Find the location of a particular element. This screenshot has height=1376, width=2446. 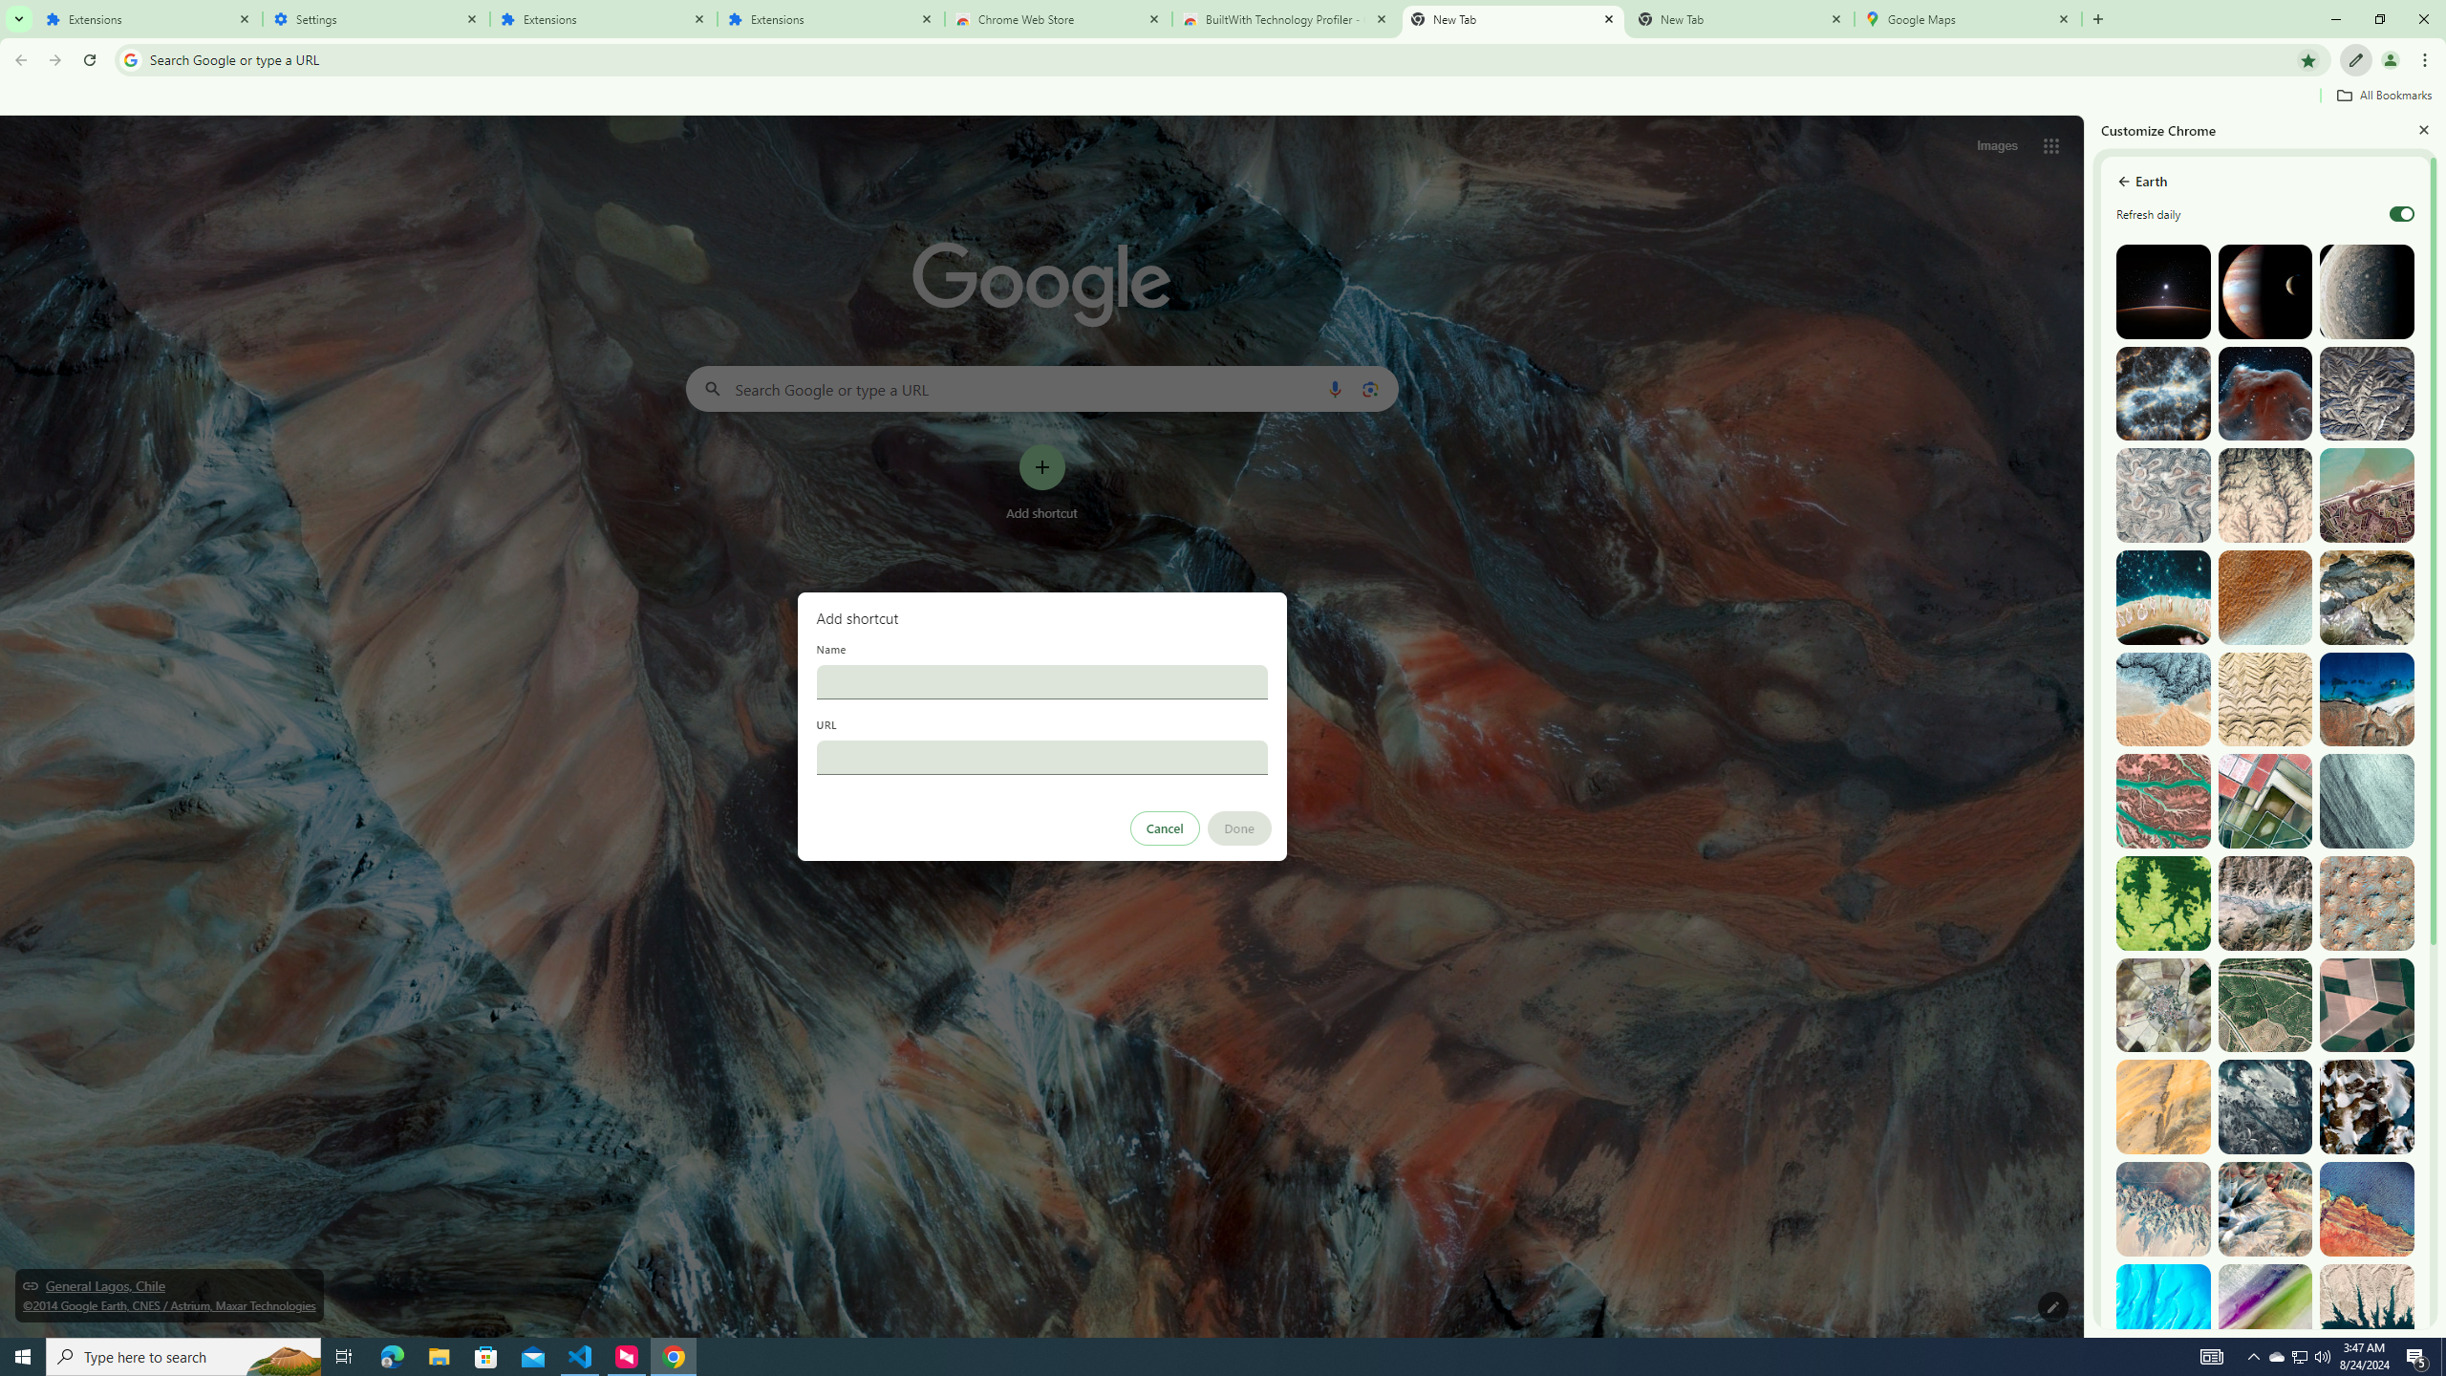

'Search icon' is located at coordinates (129, 58).